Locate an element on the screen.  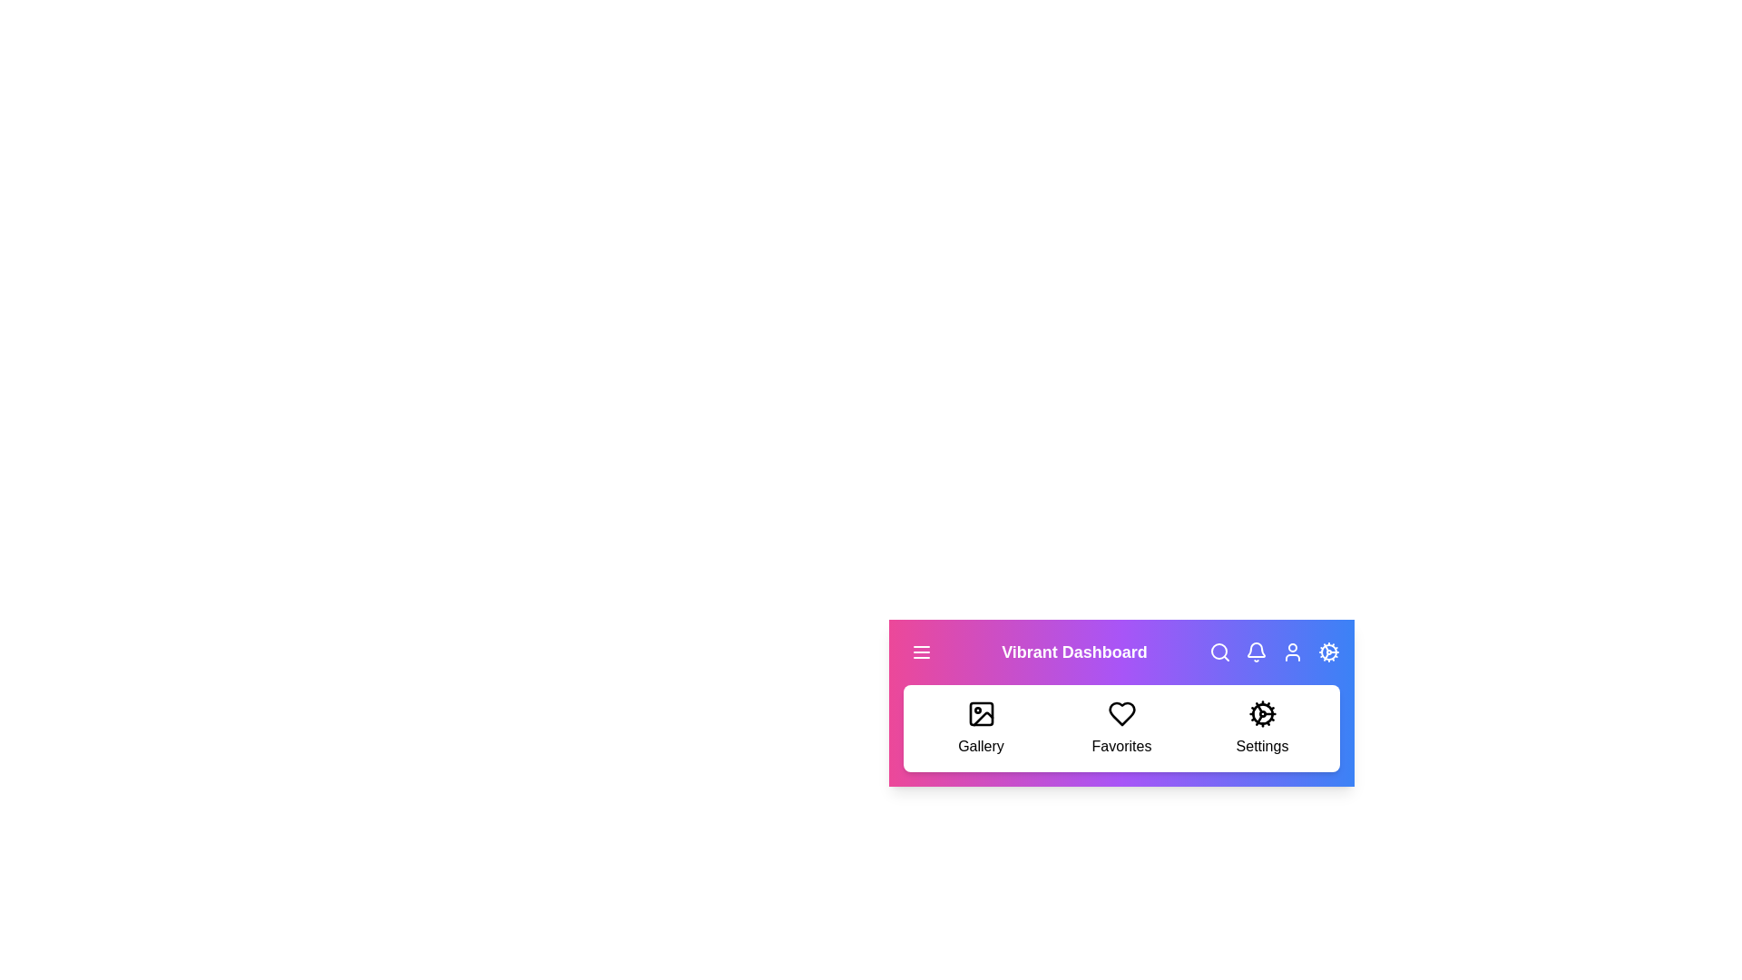
the 'Favorites' section to navigate to it is located at coordinates (1121, 727).